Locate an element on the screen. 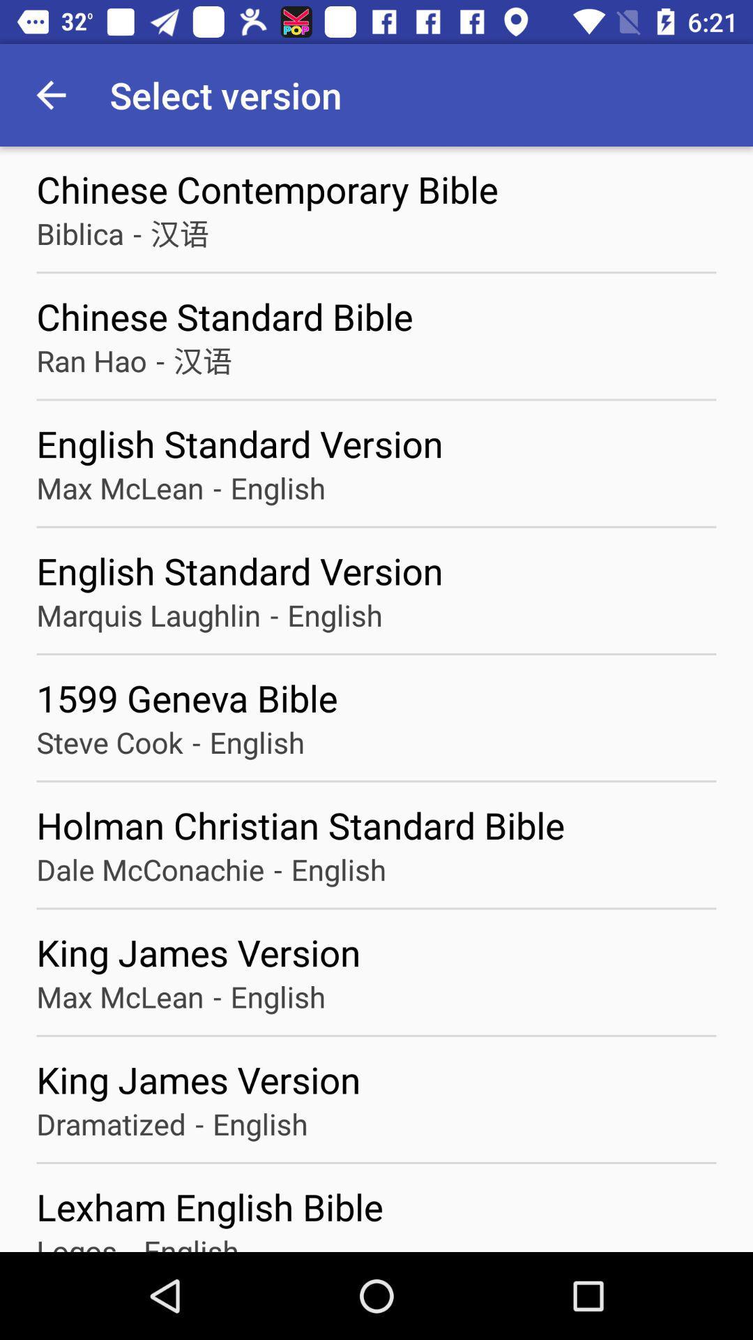  item below chinese standard bible item is located at coordinates (159, 360).